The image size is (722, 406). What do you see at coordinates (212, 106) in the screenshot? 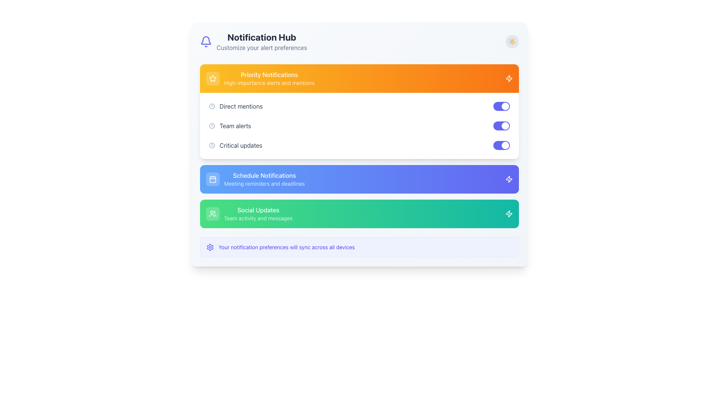
I see `the clock icon located at the top-left corner of the 'Direct mentions' list item in the 'Priority Notifications' section` at bounding box center [212, 106].